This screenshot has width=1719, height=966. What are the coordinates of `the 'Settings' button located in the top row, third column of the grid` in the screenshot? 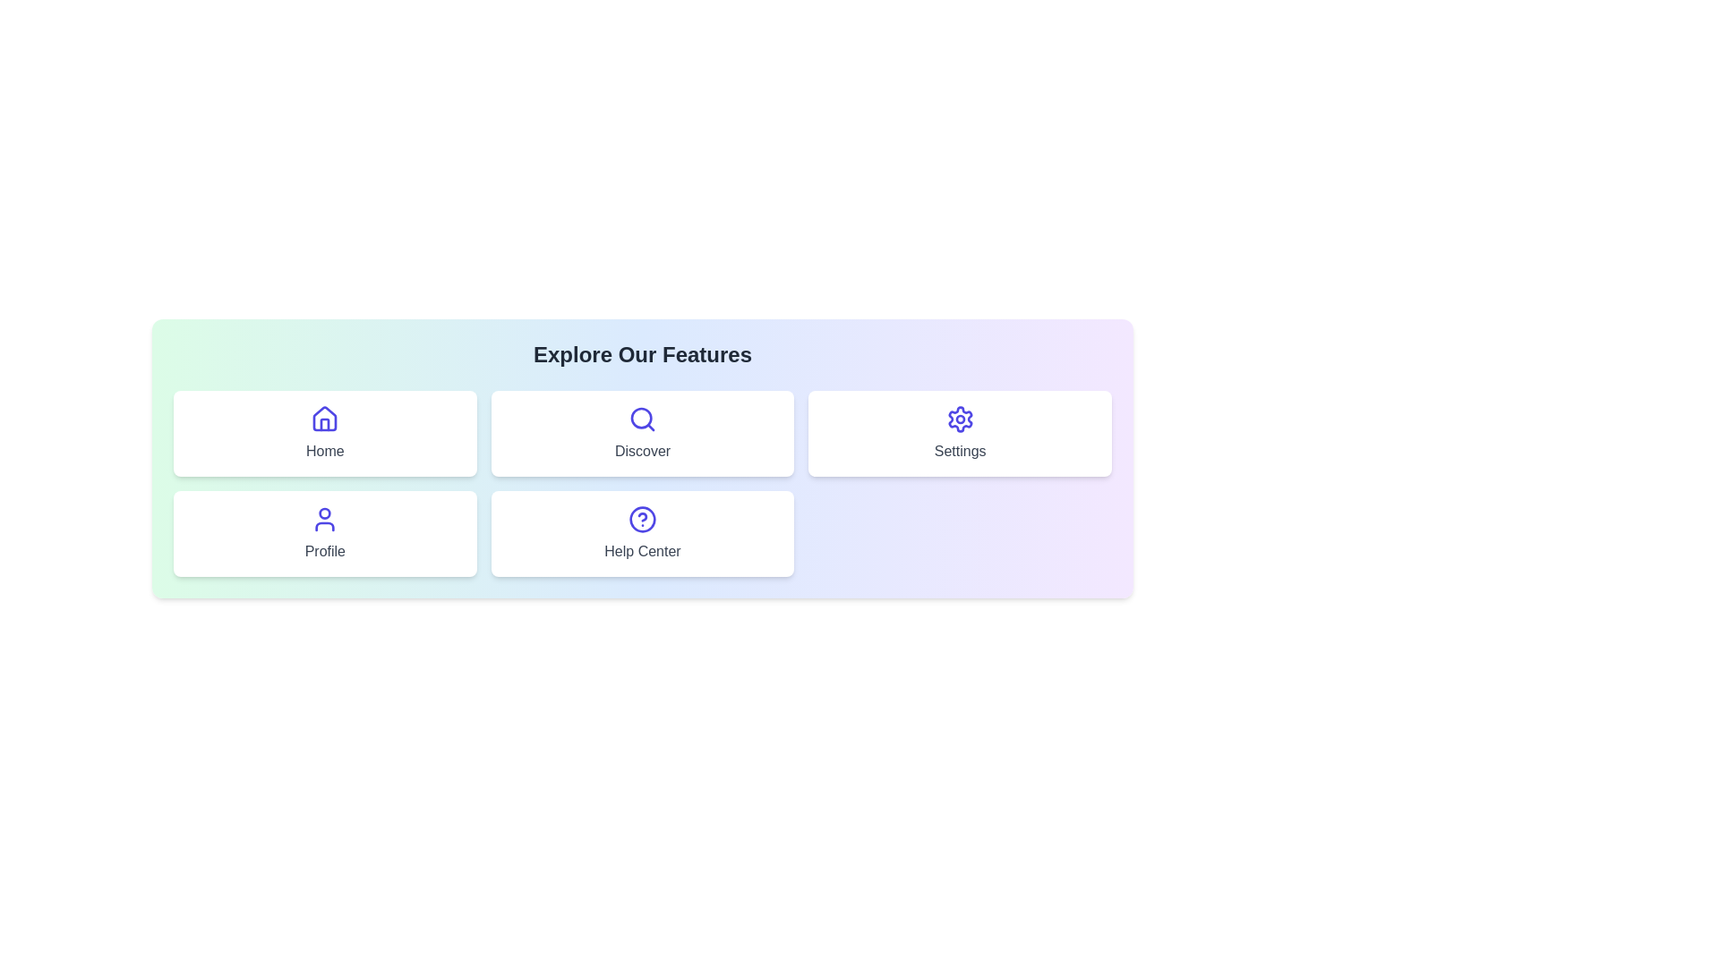 It's located at (959, 434).